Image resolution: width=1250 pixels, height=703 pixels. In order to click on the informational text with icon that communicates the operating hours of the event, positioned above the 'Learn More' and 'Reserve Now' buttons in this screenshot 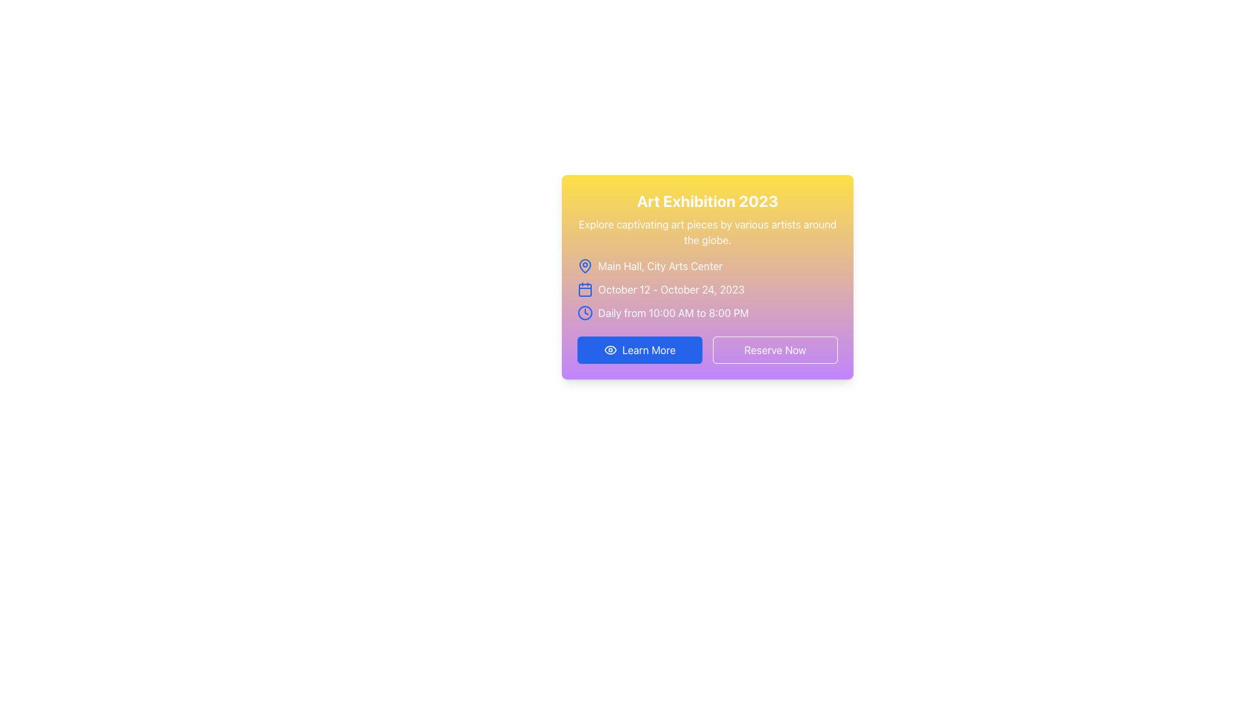, I will do `click(706, 313)`.